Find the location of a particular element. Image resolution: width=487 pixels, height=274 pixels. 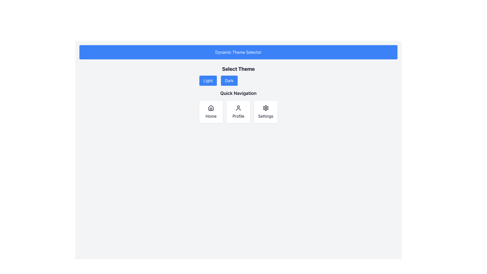

text label indicating the 'Home' section, located below the house icon in the first navigation card under the 'Quick Navigation' section is located at coordinates (211, 116).